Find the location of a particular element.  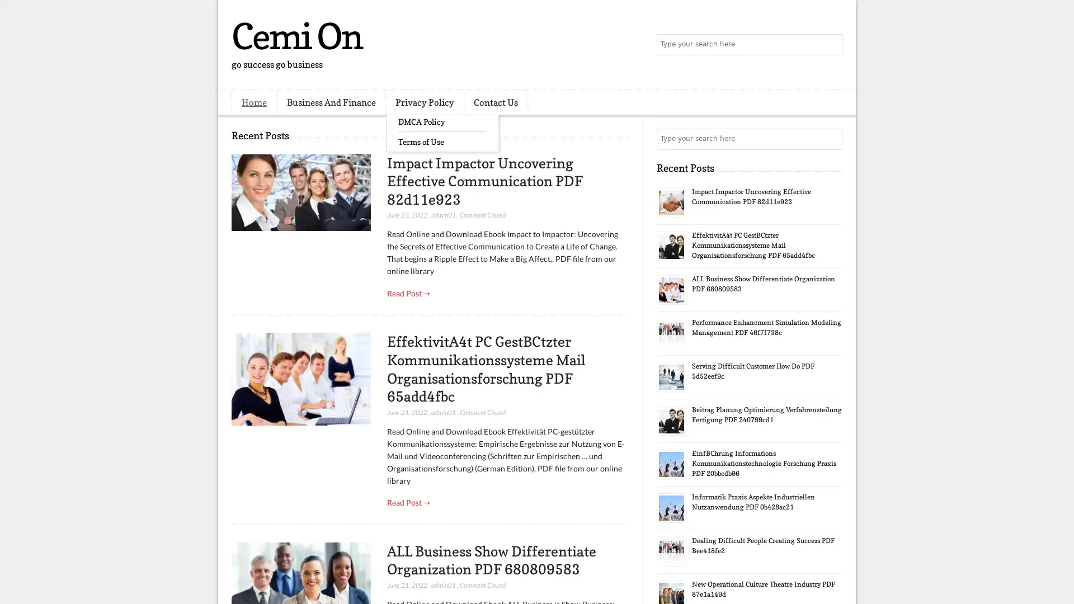

Search is located at coordinates (831, 45).